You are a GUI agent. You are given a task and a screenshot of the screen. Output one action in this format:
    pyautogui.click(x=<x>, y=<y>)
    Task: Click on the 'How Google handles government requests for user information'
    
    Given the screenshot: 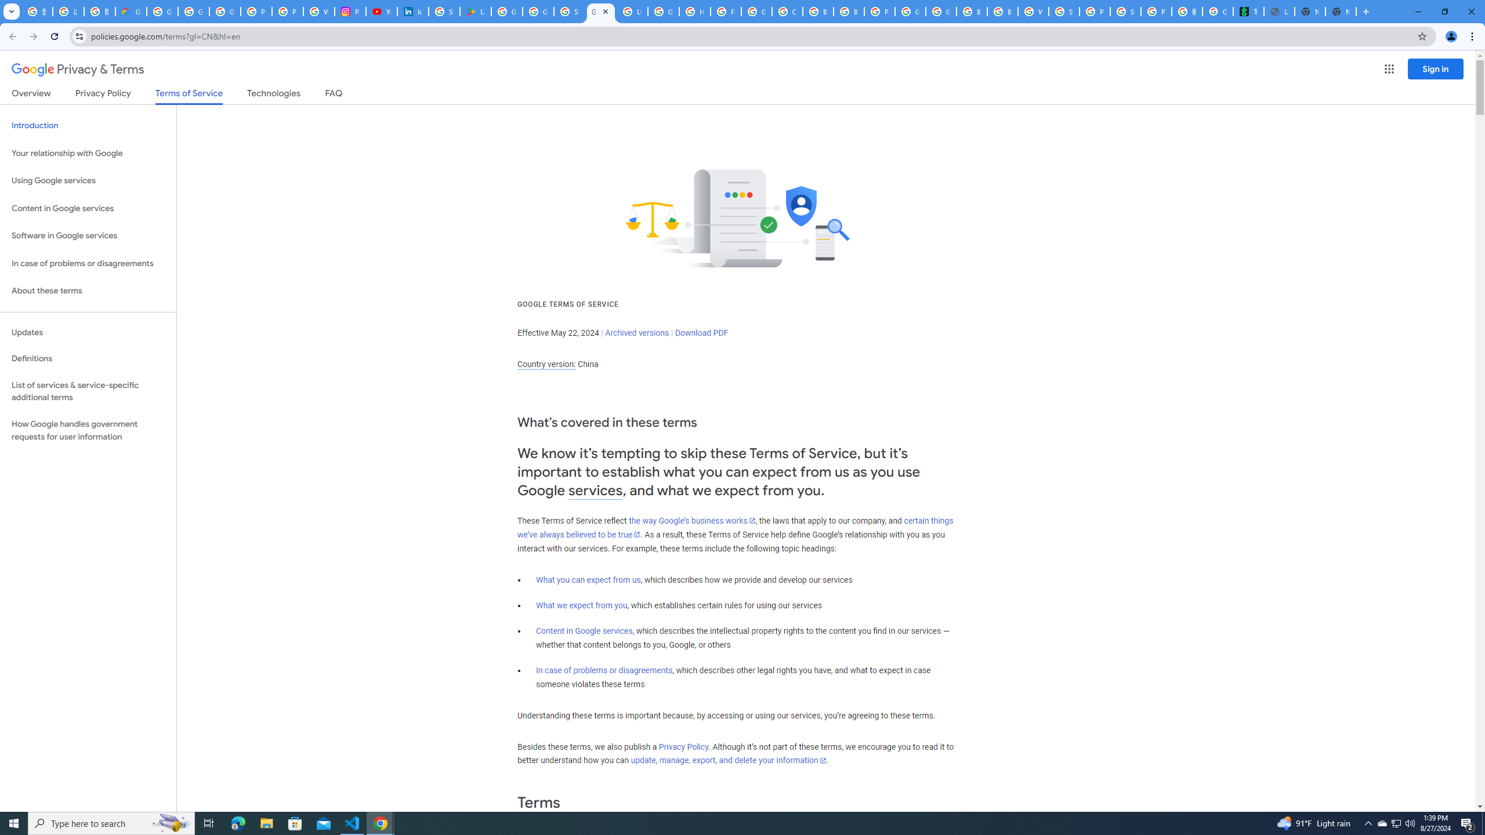 What is the action you would take?
    pyautogui.click(x=88, y=430)
    